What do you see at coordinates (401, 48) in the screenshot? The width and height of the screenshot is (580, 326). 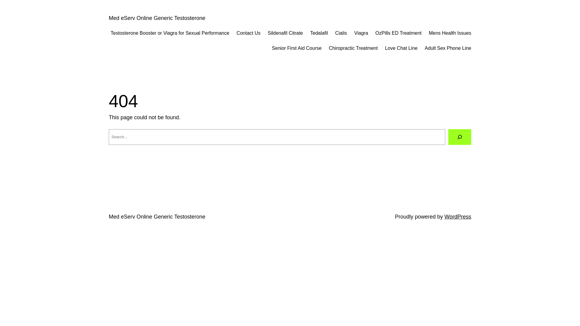 I see `'Love Chat Line'` at bounding box center [401, 48].